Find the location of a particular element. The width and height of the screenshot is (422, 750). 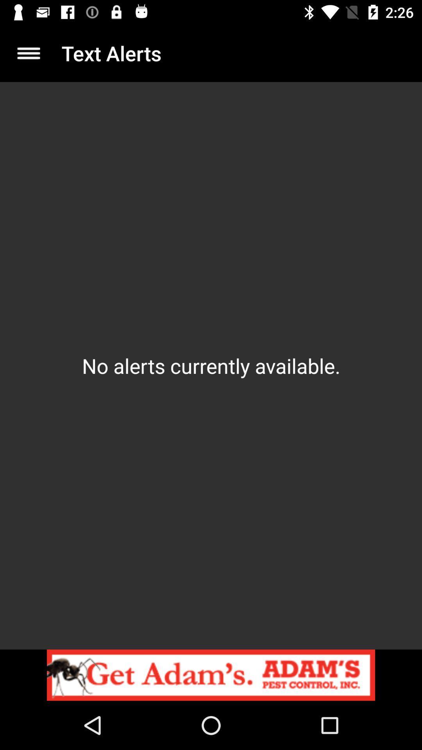

tap to view advertisement is located at coordinates (211, 675).